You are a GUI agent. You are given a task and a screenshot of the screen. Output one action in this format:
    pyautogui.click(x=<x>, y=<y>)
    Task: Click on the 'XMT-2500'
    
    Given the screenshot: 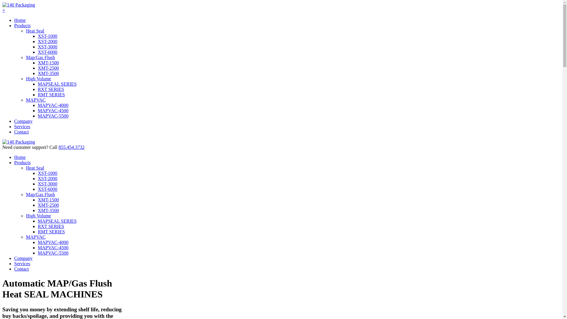 What is the action you would take?
    pyautogui.click(x=48, y=205)
    